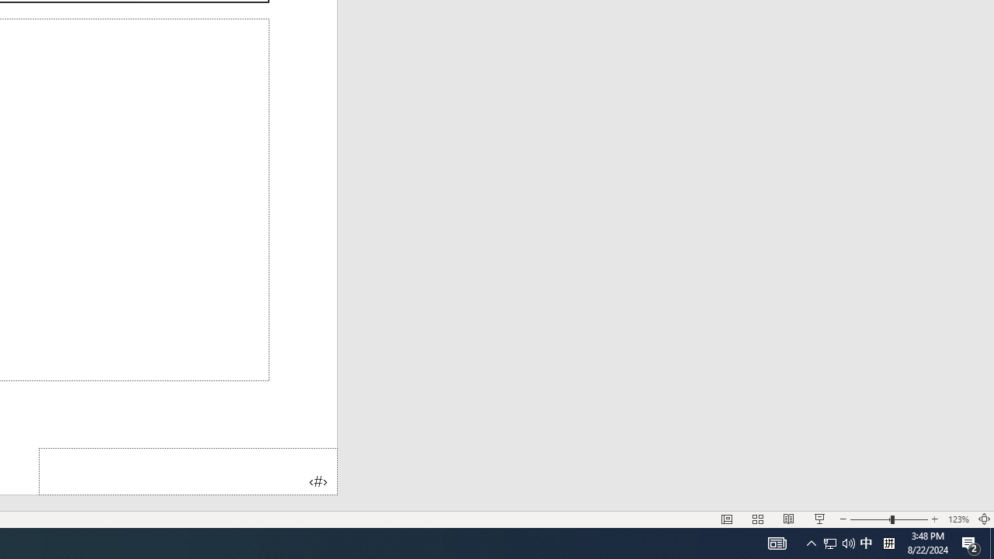 The image size is (994, 559). What do you see at coordinates (958, 519) in the screenshot?
I see `'Zoom 123%'` at bounding box center [958, 519].